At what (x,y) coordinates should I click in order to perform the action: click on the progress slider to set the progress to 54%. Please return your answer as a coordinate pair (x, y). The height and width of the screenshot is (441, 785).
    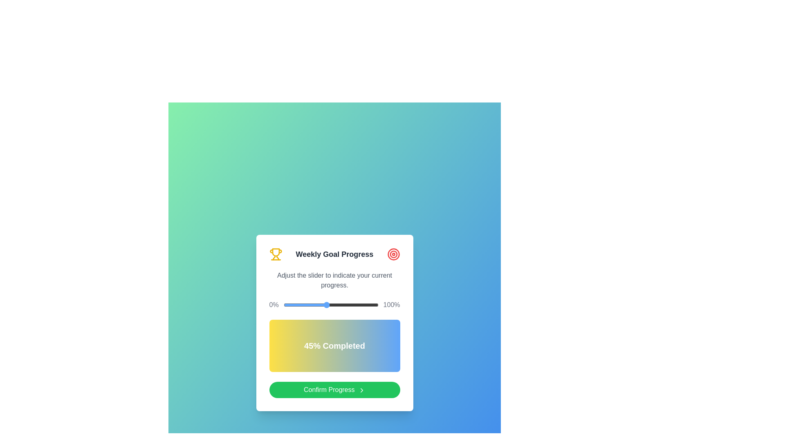
    Looking at the image, I should click on (334, 305).